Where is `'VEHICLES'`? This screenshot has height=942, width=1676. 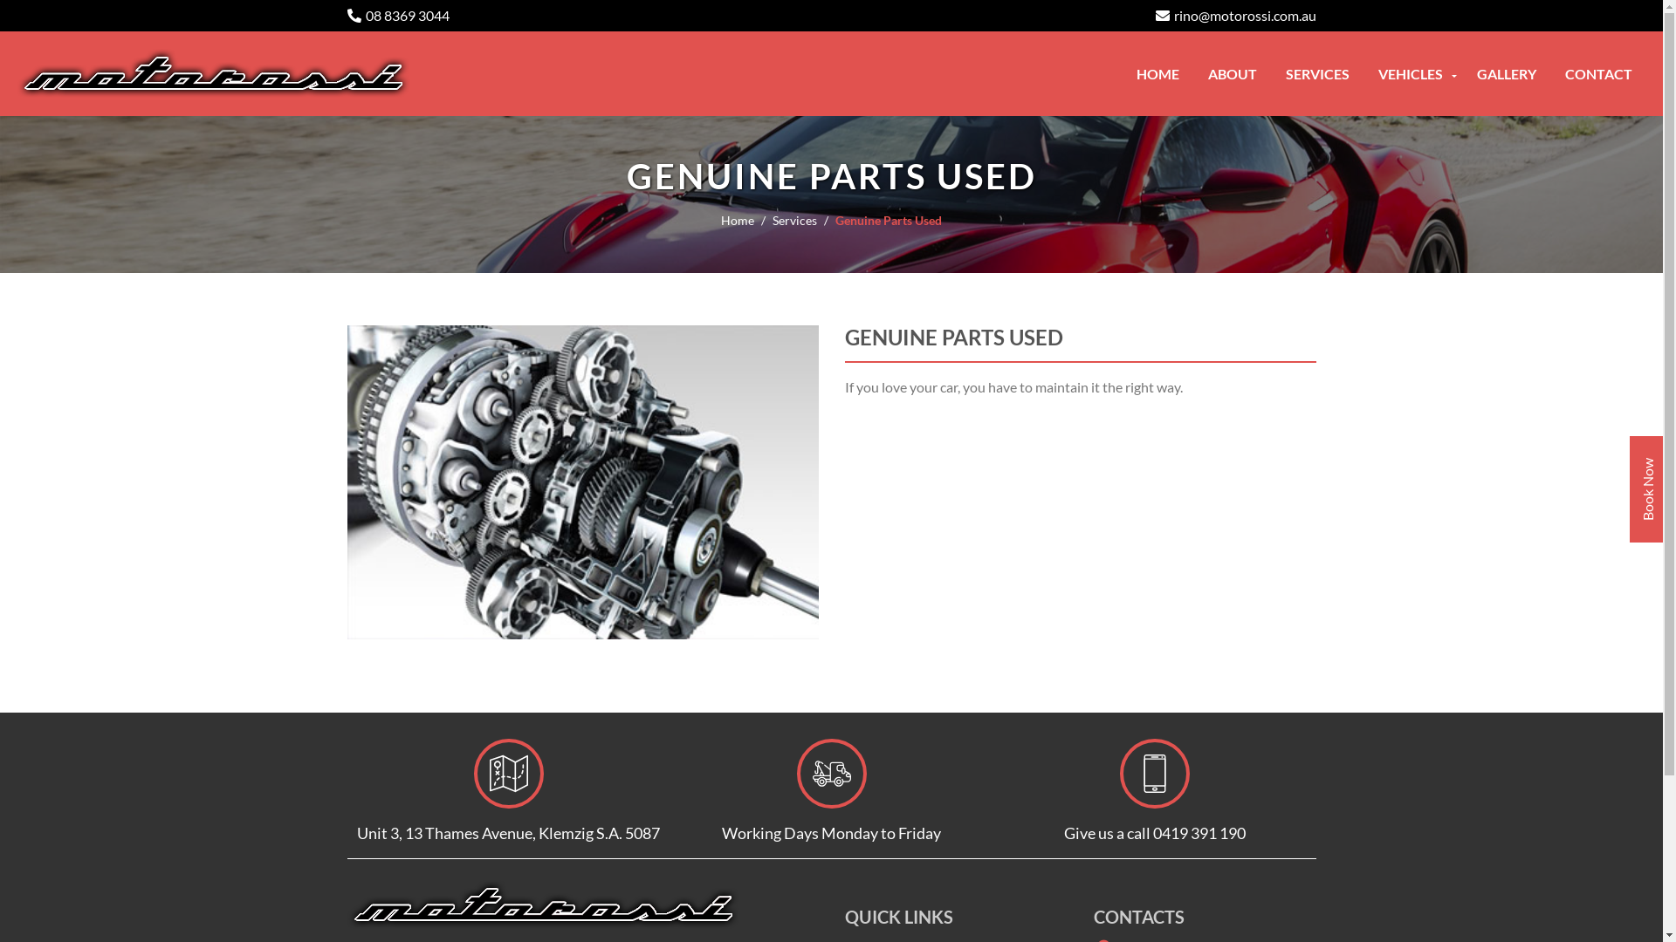 'VEHICLES' is located at coordinates (1412, 72).